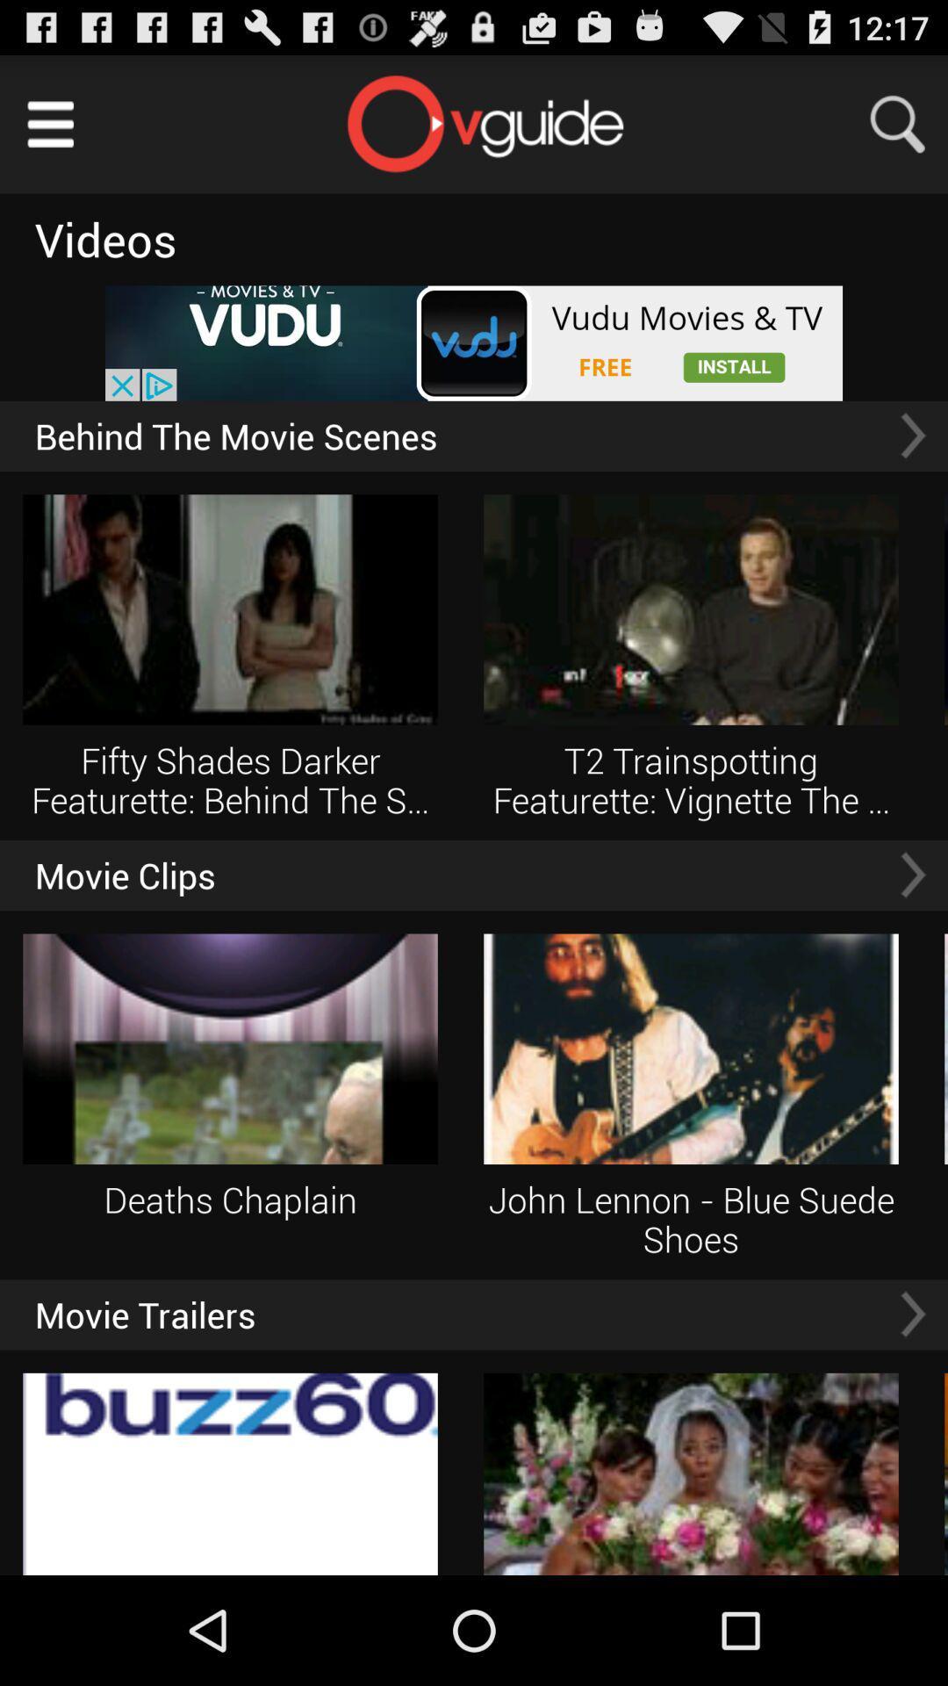 The height and width of the screenshot is (1686, 948). Describe the element at coordinates (908, 132) in the screenshot. I see `the search icon` at that location.